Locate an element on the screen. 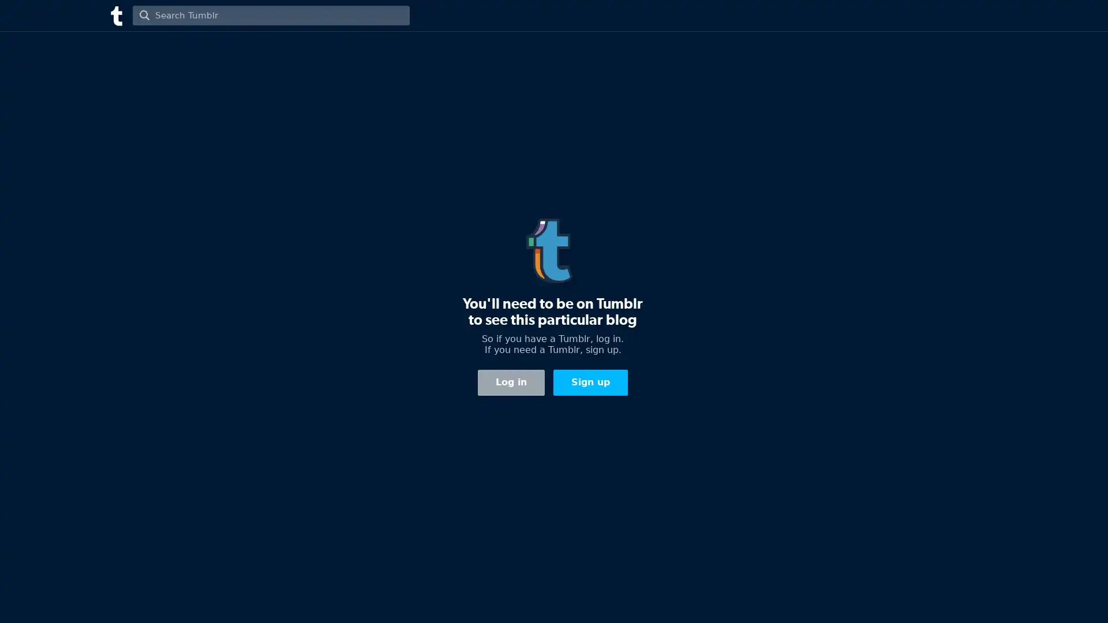  Log in is located at coordinates (511, 382).